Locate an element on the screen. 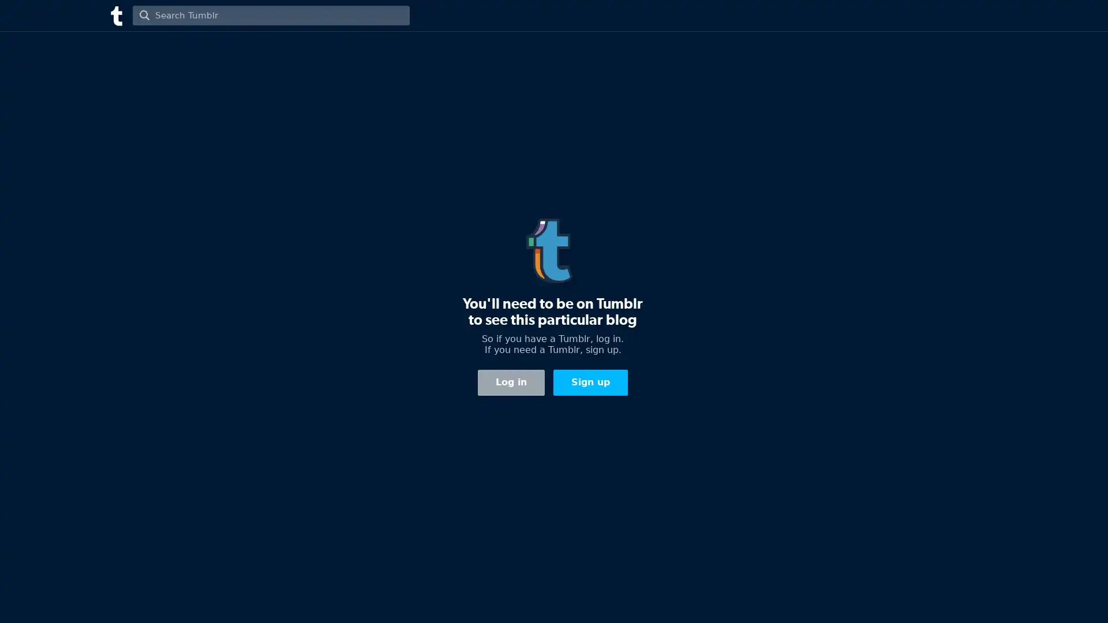  Log in is located at coordinates (511, 382).